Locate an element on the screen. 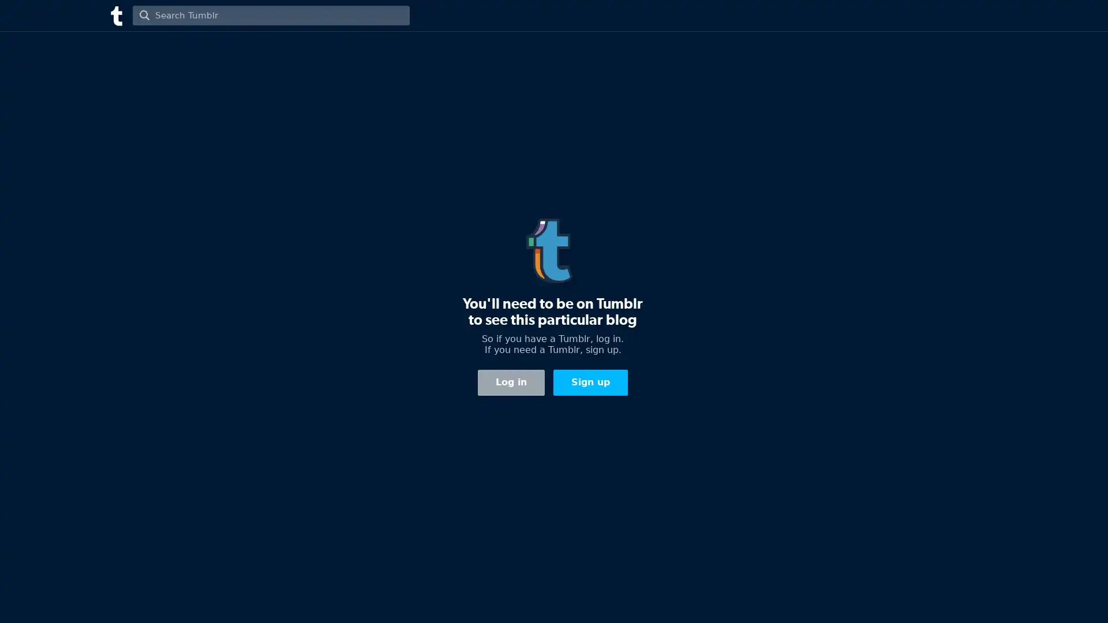  Log in is located at coordinates (511, 382).